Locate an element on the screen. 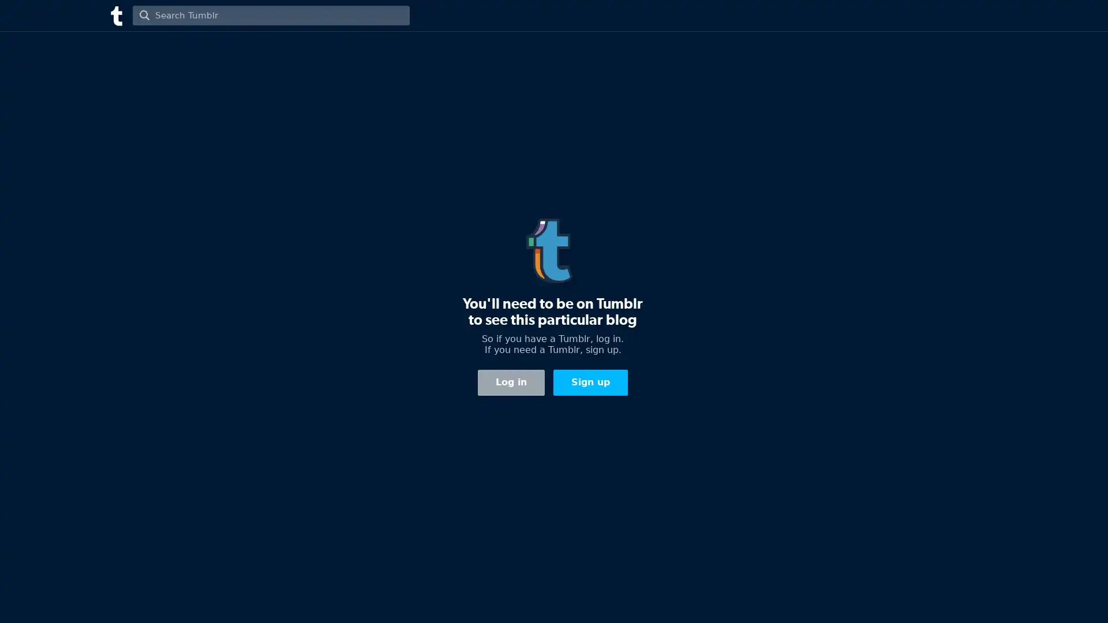  Log in is located at coordinates (511, 382).